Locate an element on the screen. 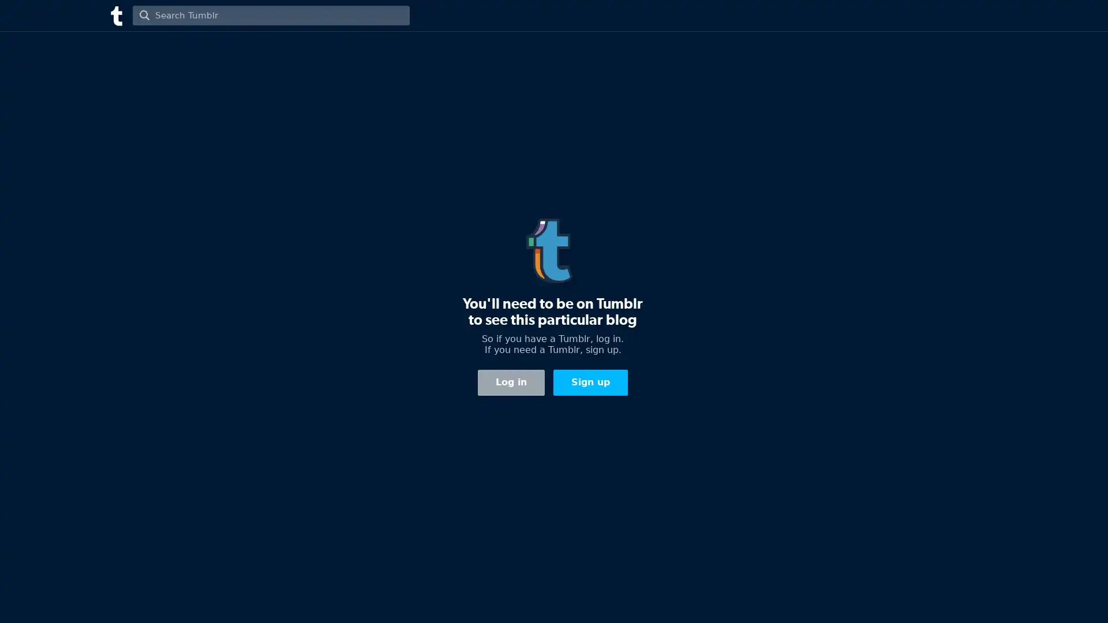  Log in is located at coordinates (511, 382).